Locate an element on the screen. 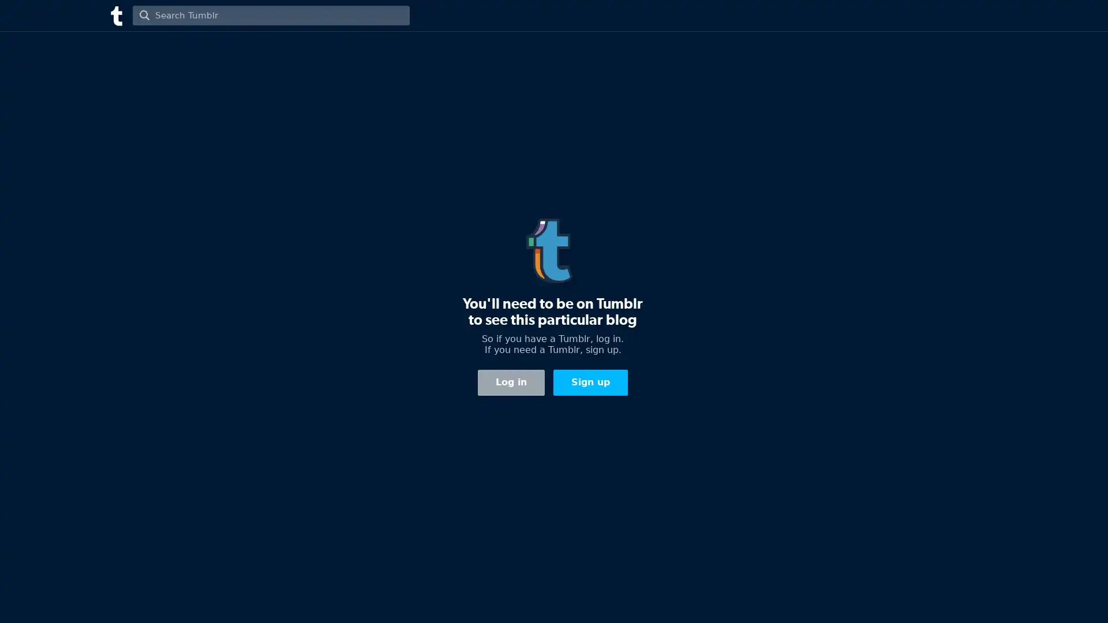  Log in is located at coordinates (511, 382).